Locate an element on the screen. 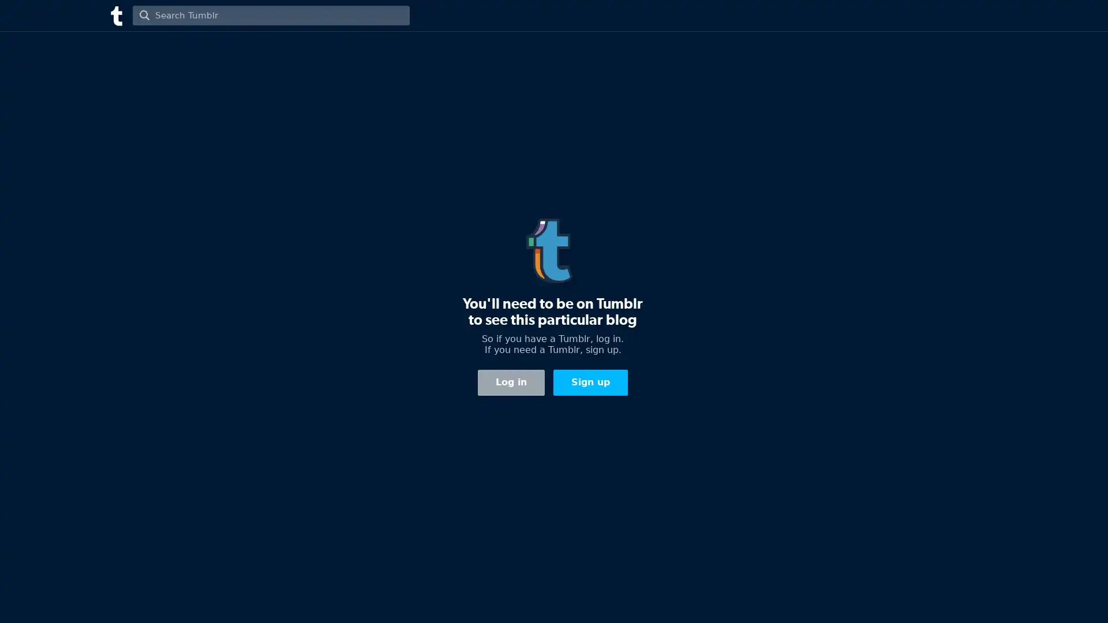  Log in is located at coordinates (511, 382).